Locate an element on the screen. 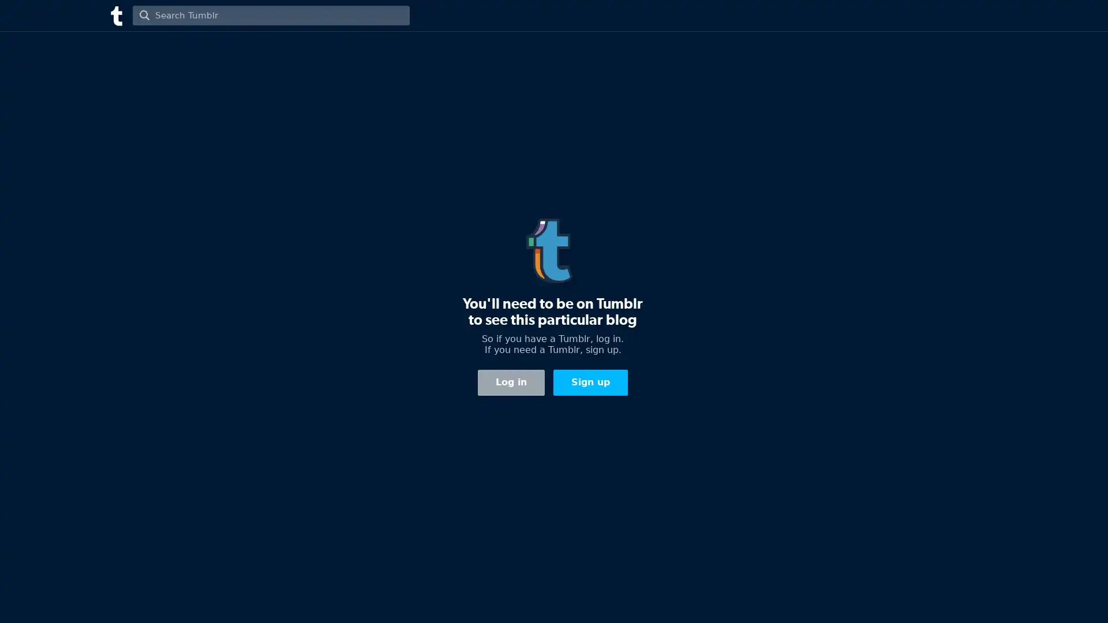  Log in is located at coordinates (511, 382).